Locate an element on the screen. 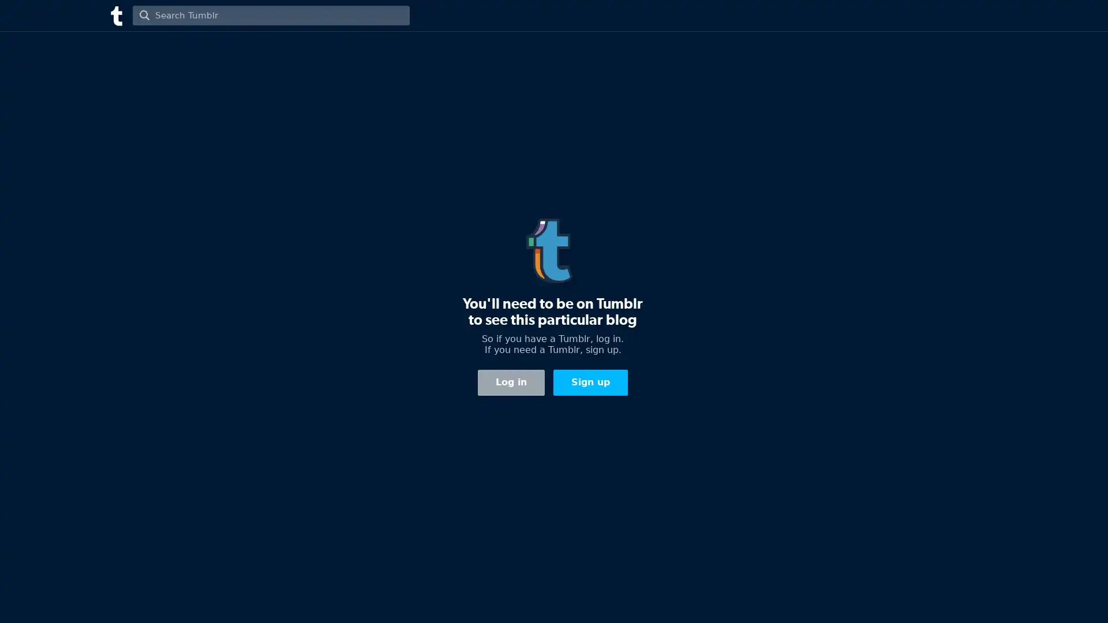  Log in is located at coordinates (511, 382).